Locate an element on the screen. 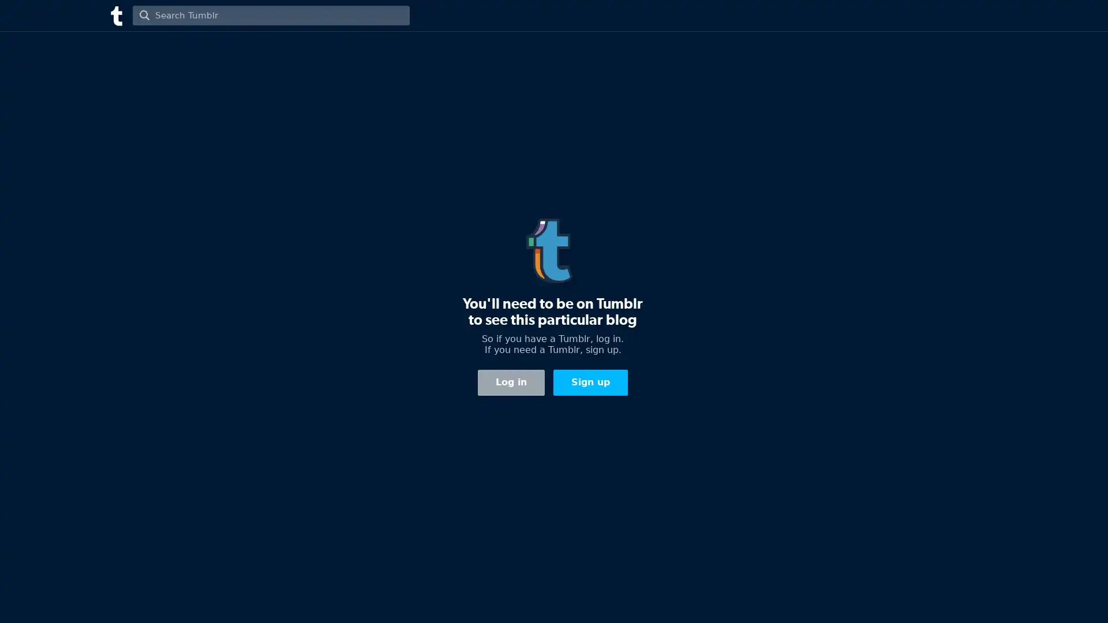  Log in is located at coordinates (511, 382).